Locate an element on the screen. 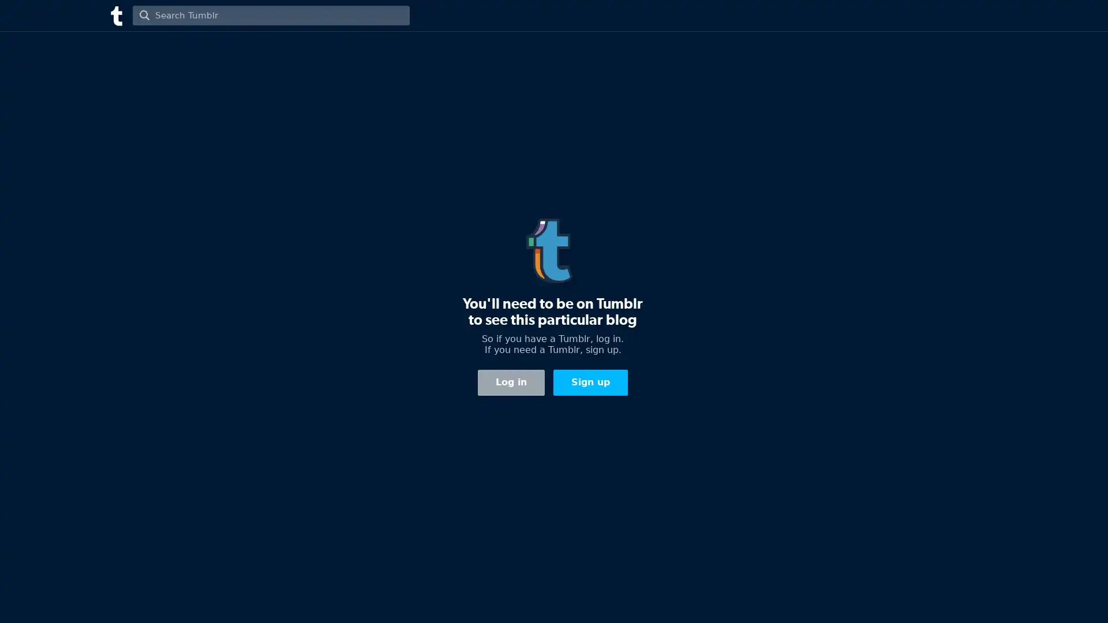  Log in is located at coordinates (511, 382).